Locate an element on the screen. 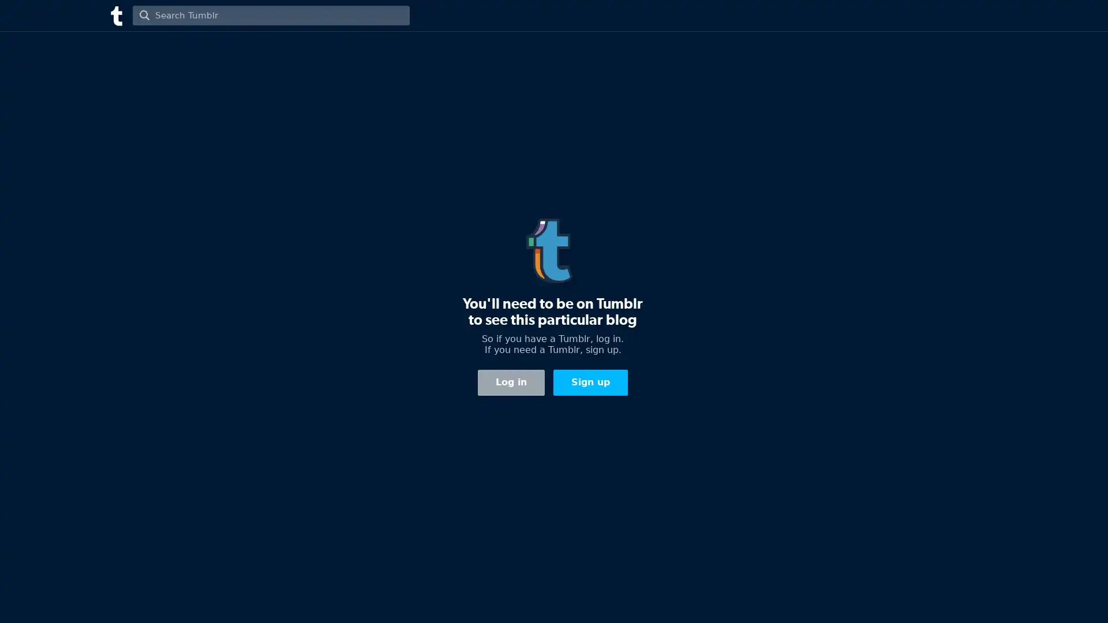  Log in is located at coordinates (511, 382).